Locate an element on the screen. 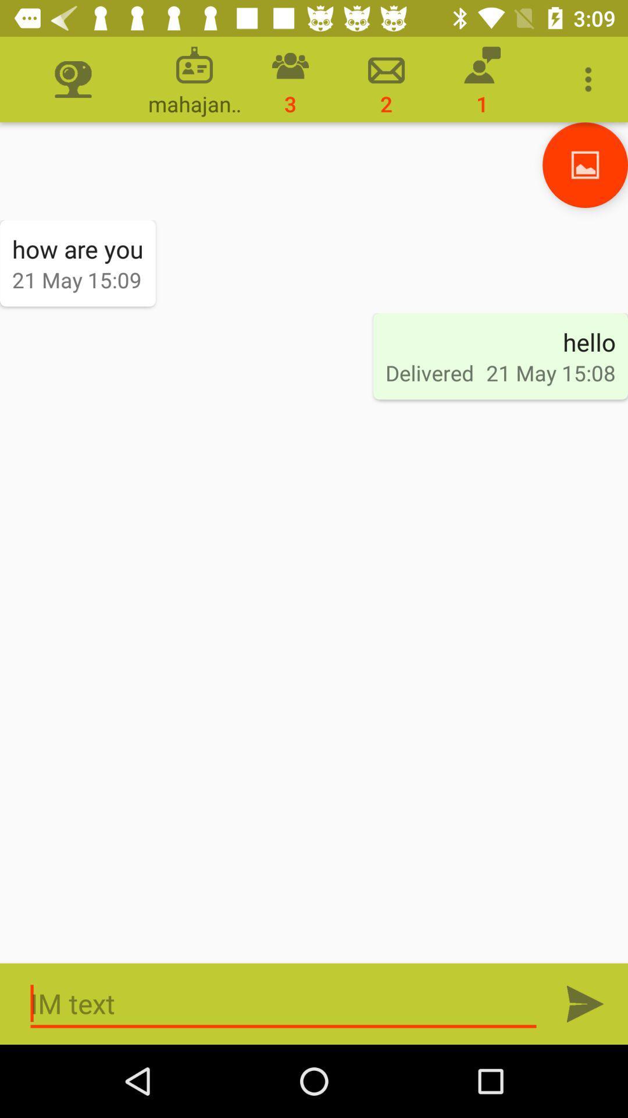 The height and width of the screenshot is (1118, 628). the field which contains the im text is located at coordinates (283, 1003).